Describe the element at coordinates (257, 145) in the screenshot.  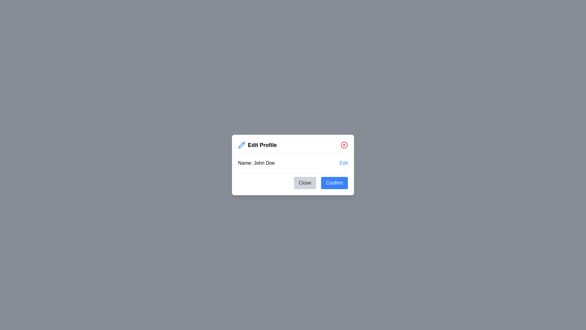
I see `prominently styled 'Edit Profile' header text with a blue pencil icon located at the top-left corner of the modal dialog box` at that location.